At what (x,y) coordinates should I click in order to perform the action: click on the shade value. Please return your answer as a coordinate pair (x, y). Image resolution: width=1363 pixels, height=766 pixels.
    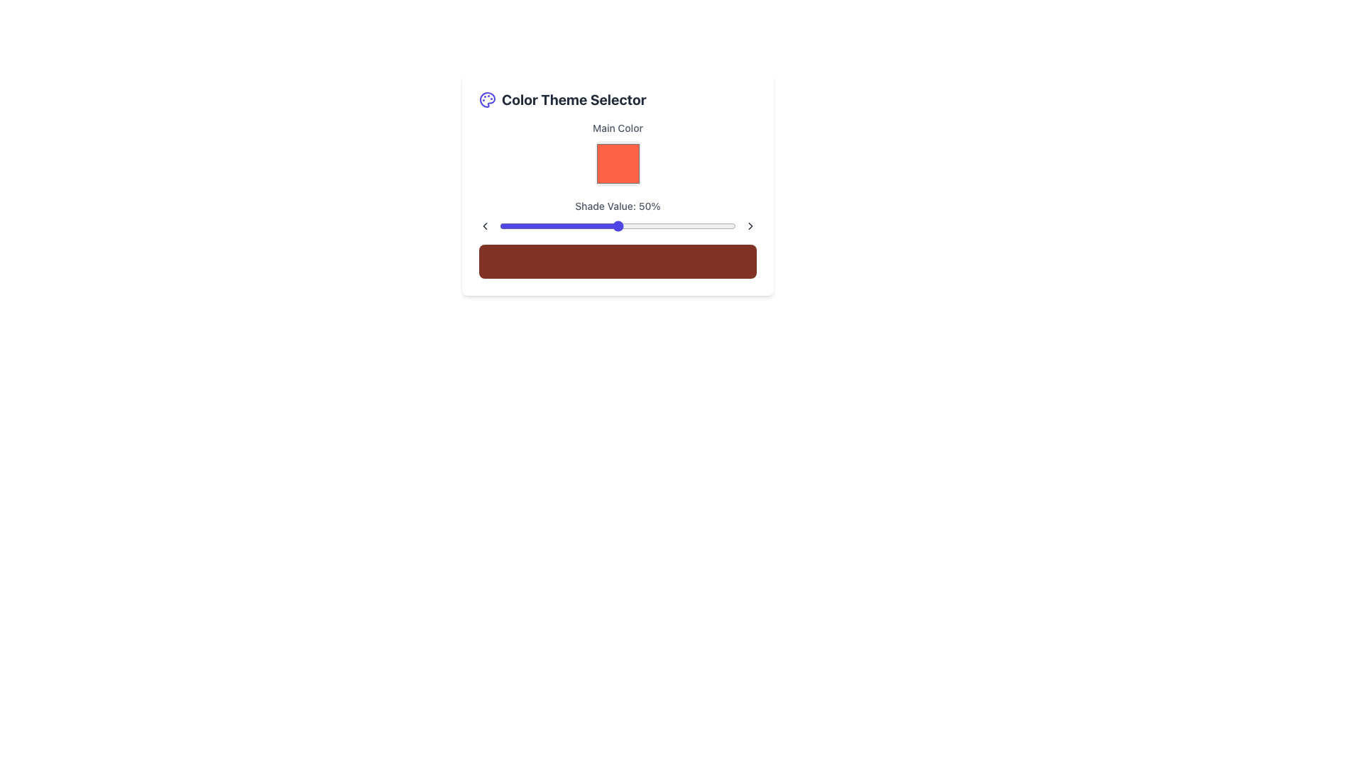
    Looking at the image, I should click on (722, 226).